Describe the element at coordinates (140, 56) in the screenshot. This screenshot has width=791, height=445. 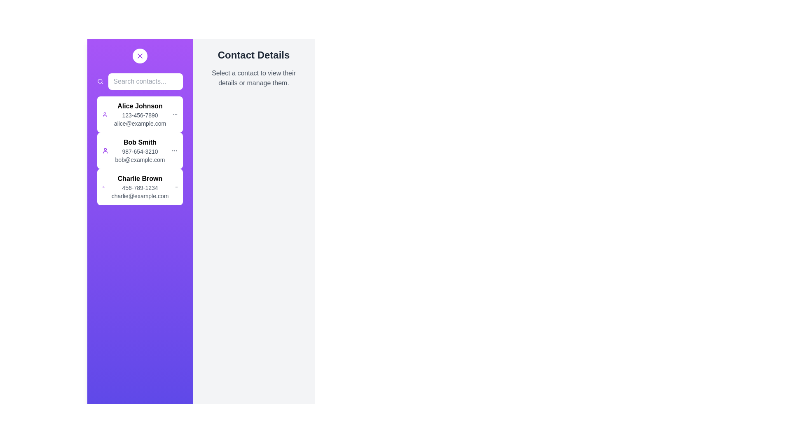
I see `the toggle button at the top-left corner of the drawer to toggle its expansion state` at that location.